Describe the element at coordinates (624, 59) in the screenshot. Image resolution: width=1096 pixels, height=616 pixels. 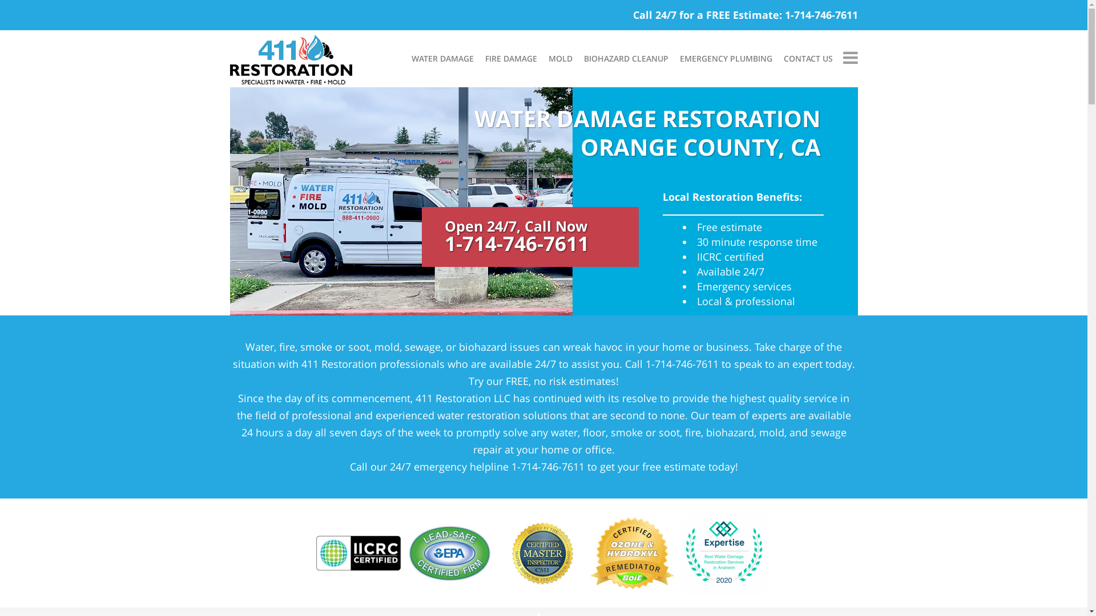
I see `'BIOHAZARD CLEANUP'` at that location.